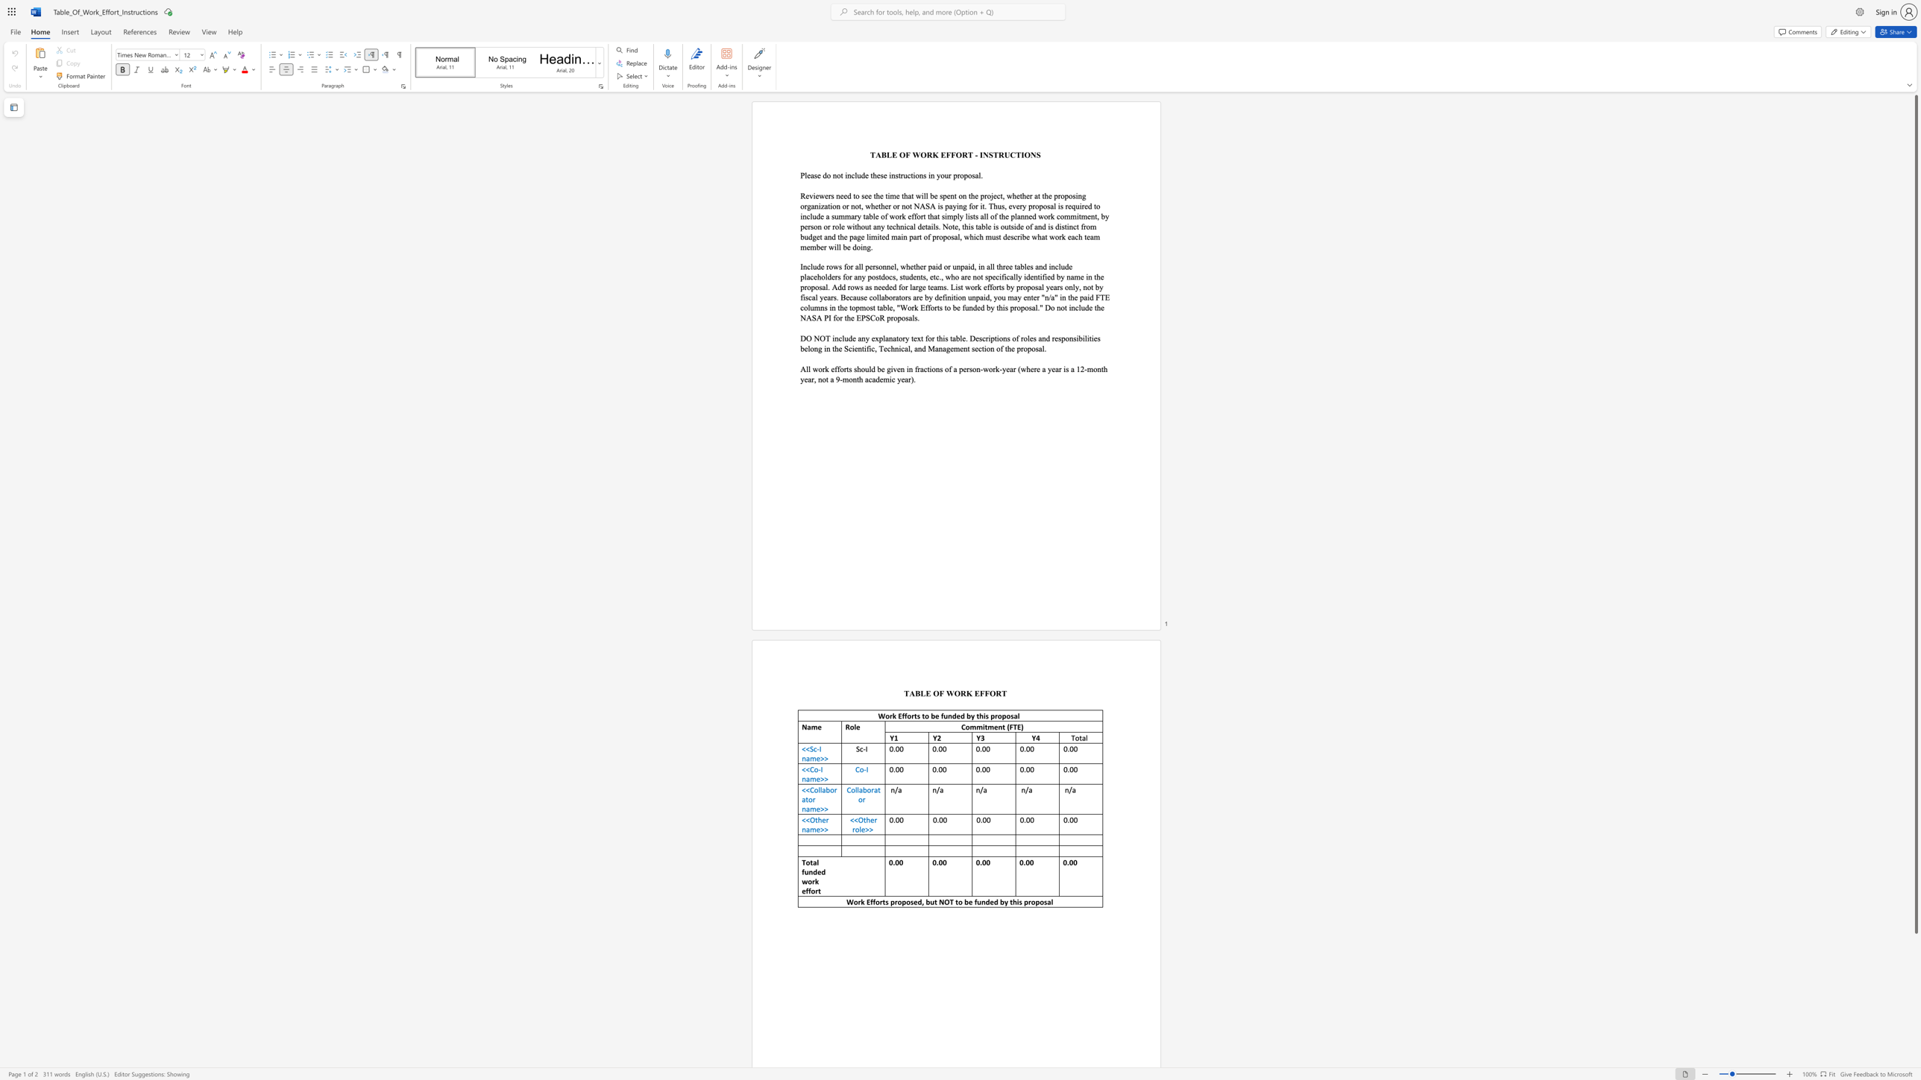 The height and width of the screenshot is (1080, 1921). What do you see at coordinates (1915, 984) in the screenshot?
I see `the scrollbar to scroll downward` at bounding box center [1915, 984].